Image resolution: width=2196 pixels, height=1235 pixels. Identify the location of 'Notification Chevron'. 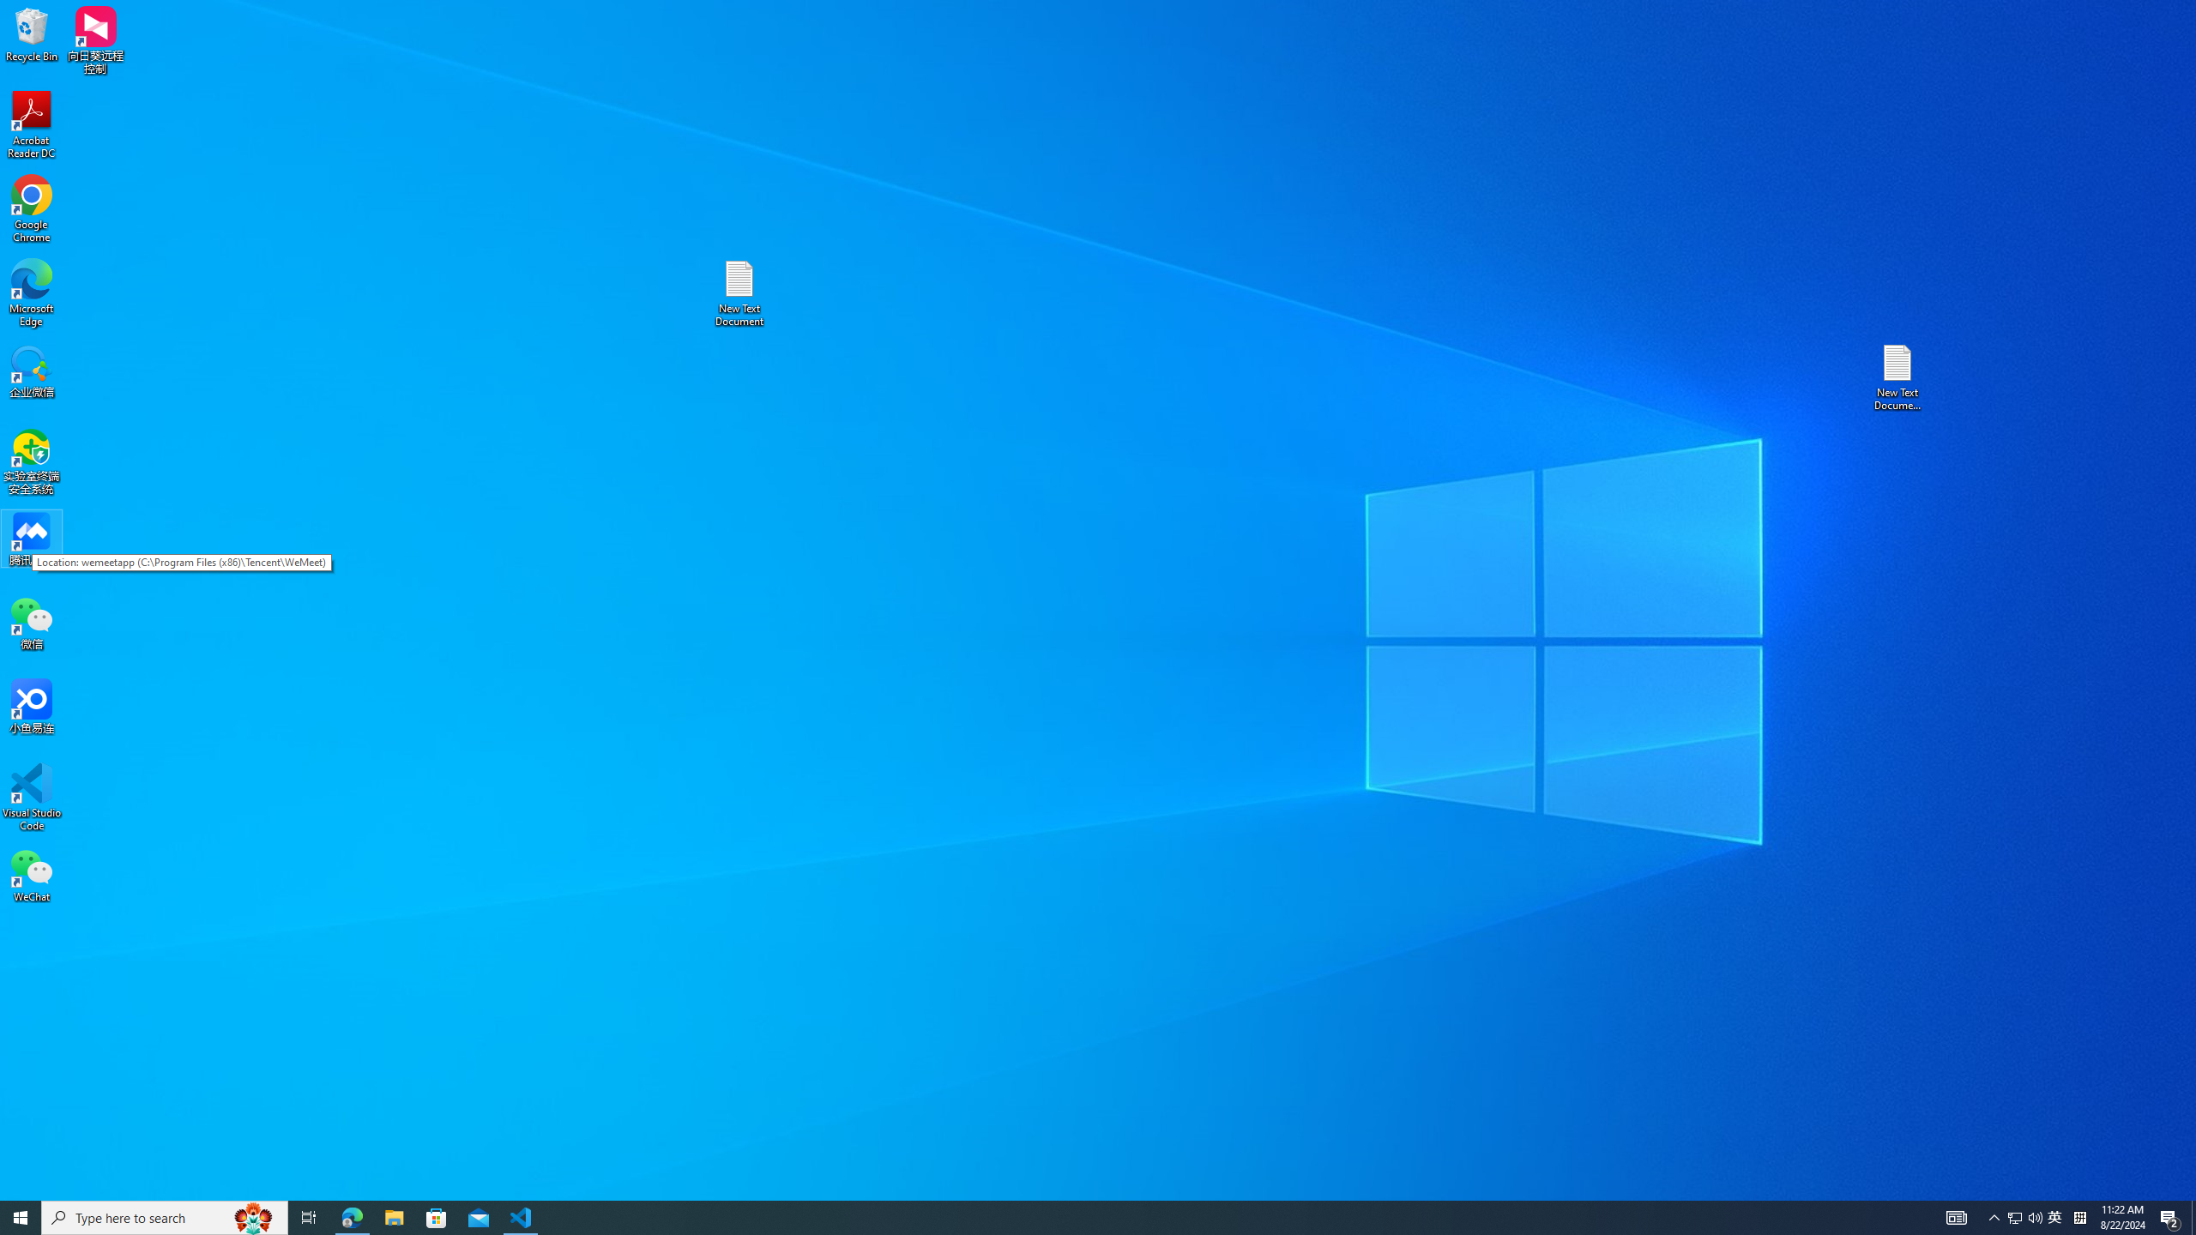
(2055, 1216).